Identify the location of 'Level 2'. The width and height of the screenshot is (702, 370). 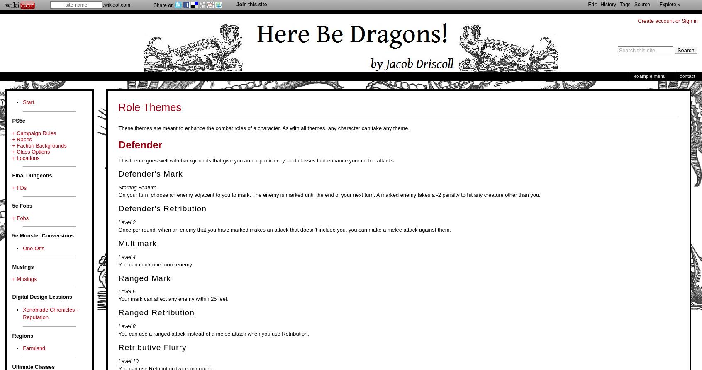
(126, 221).